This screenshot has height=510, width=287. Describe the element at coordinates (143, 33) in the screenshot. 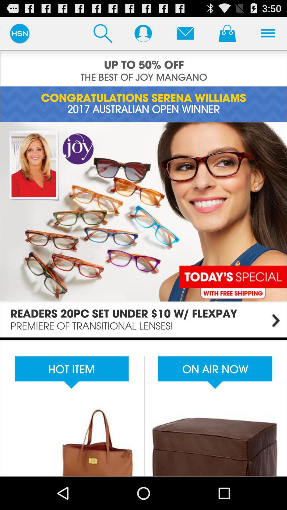

I see `open profile` at that location.